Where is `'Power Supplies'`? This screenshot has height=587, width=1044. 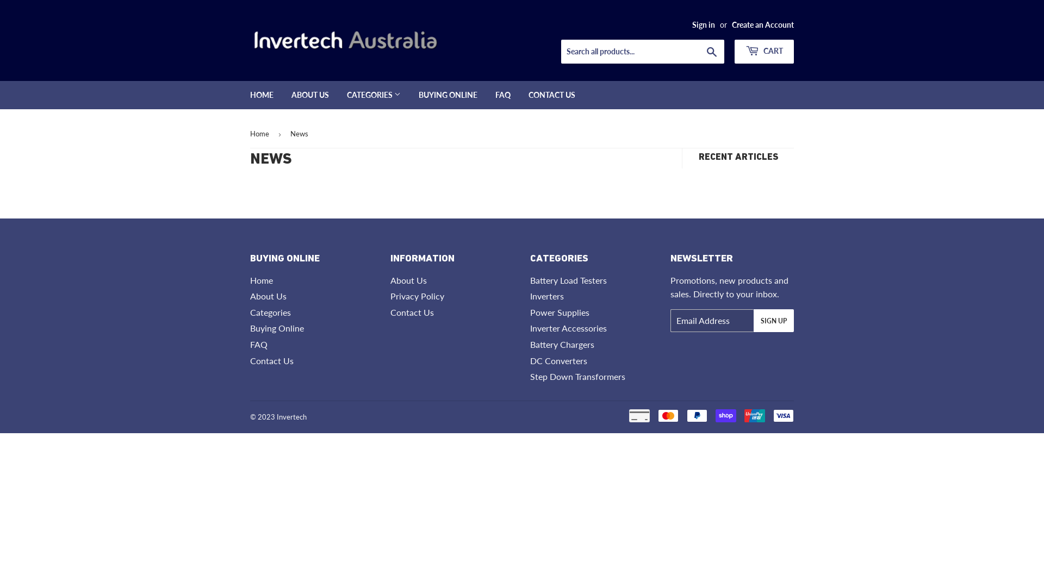 'Power Supplies' is located at coordinates (560, 312).